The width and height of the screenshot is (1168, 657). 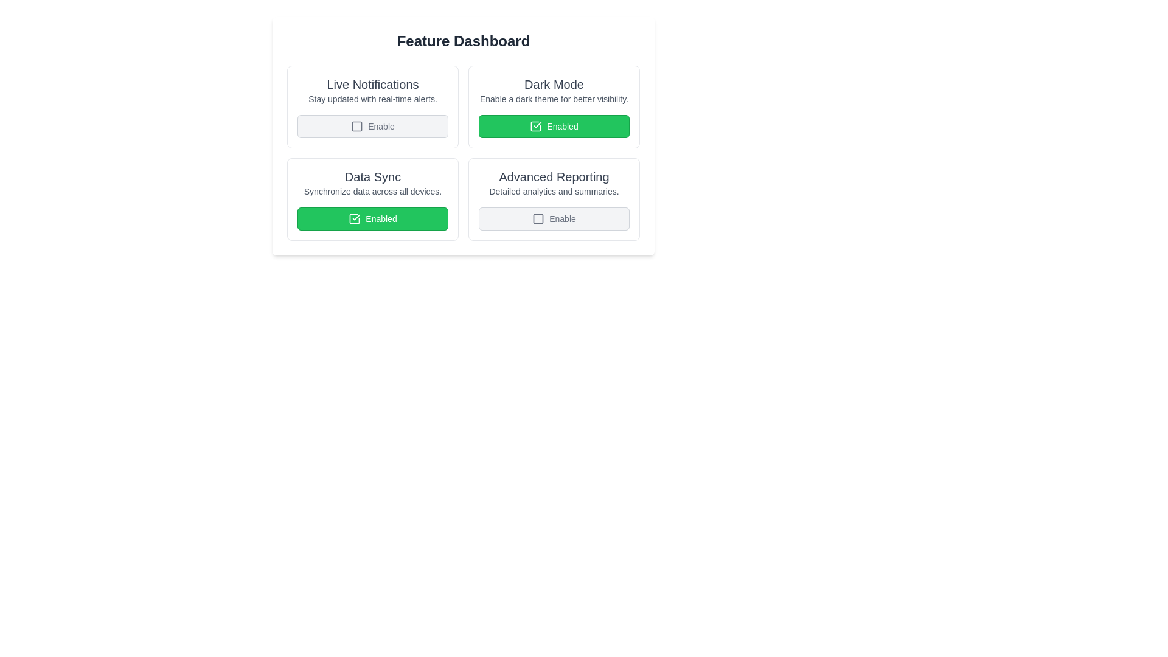 What do you see at coordinates (535, 127) in the screenshot?
I see `the 'Enabled' button in the 'Dark Mode' section which contains the confirmation icon for the 'Dark Mode' feature` at bounding box center [535, 127].